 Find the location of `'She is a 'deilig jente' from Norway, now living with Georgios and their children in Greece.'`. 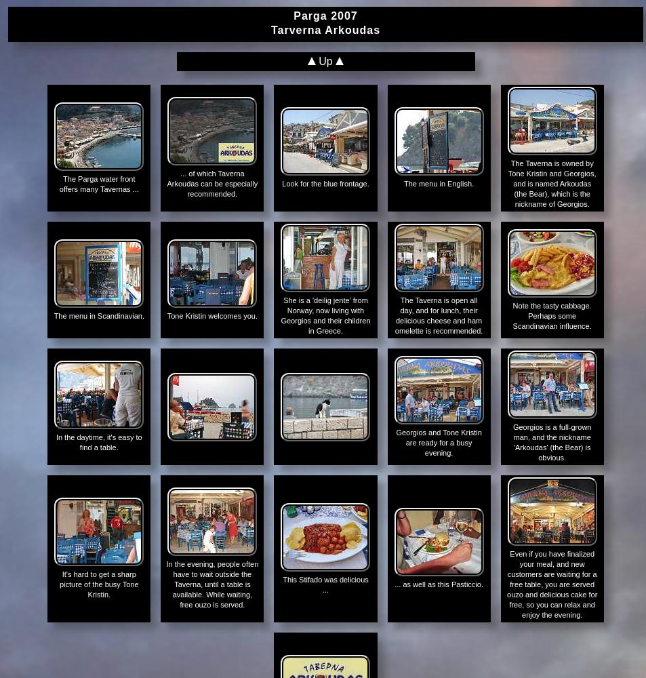

'She is a 'deilig jente' from Norway, now living with Georgios and their children in Greece.' is located at coordinates (325, 315).